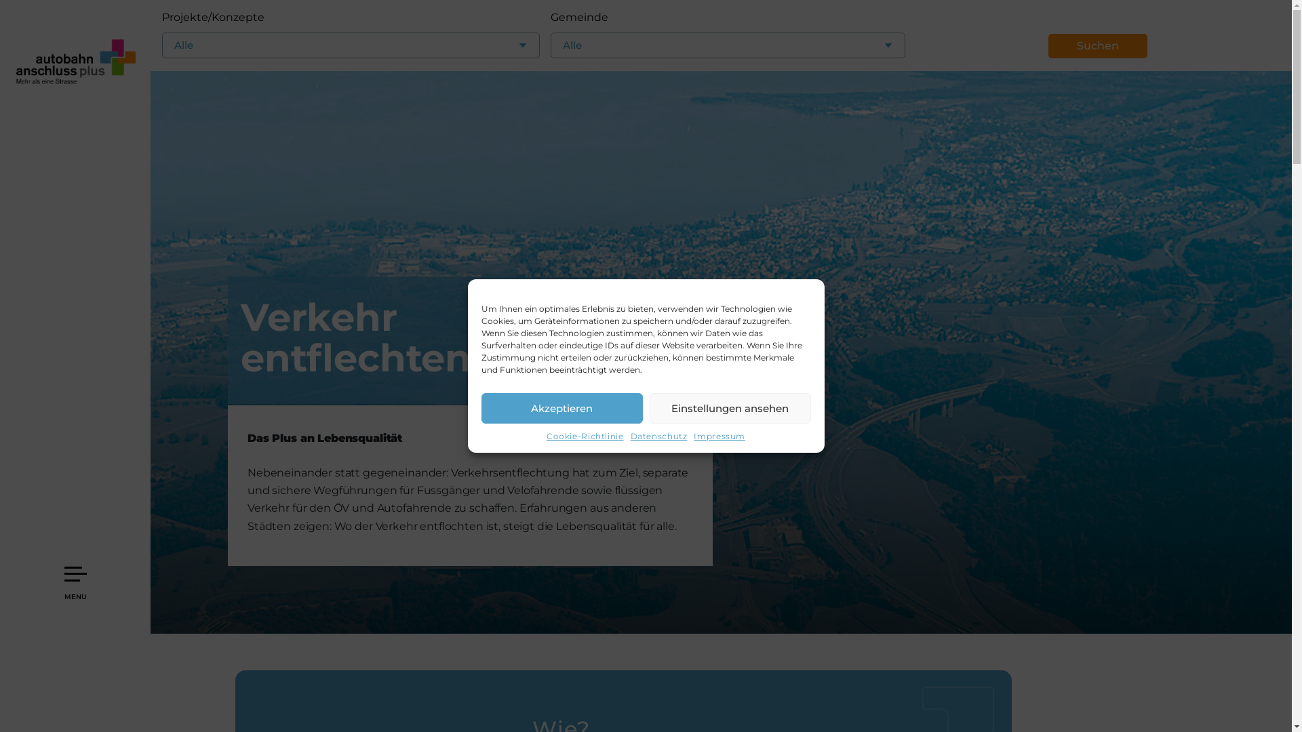 The image size is (1302, 732). What do you see at coordinates (729, 407) in the screenshot?
I see `'Einstellungen ansehen'` at bounding box center [729, 407].